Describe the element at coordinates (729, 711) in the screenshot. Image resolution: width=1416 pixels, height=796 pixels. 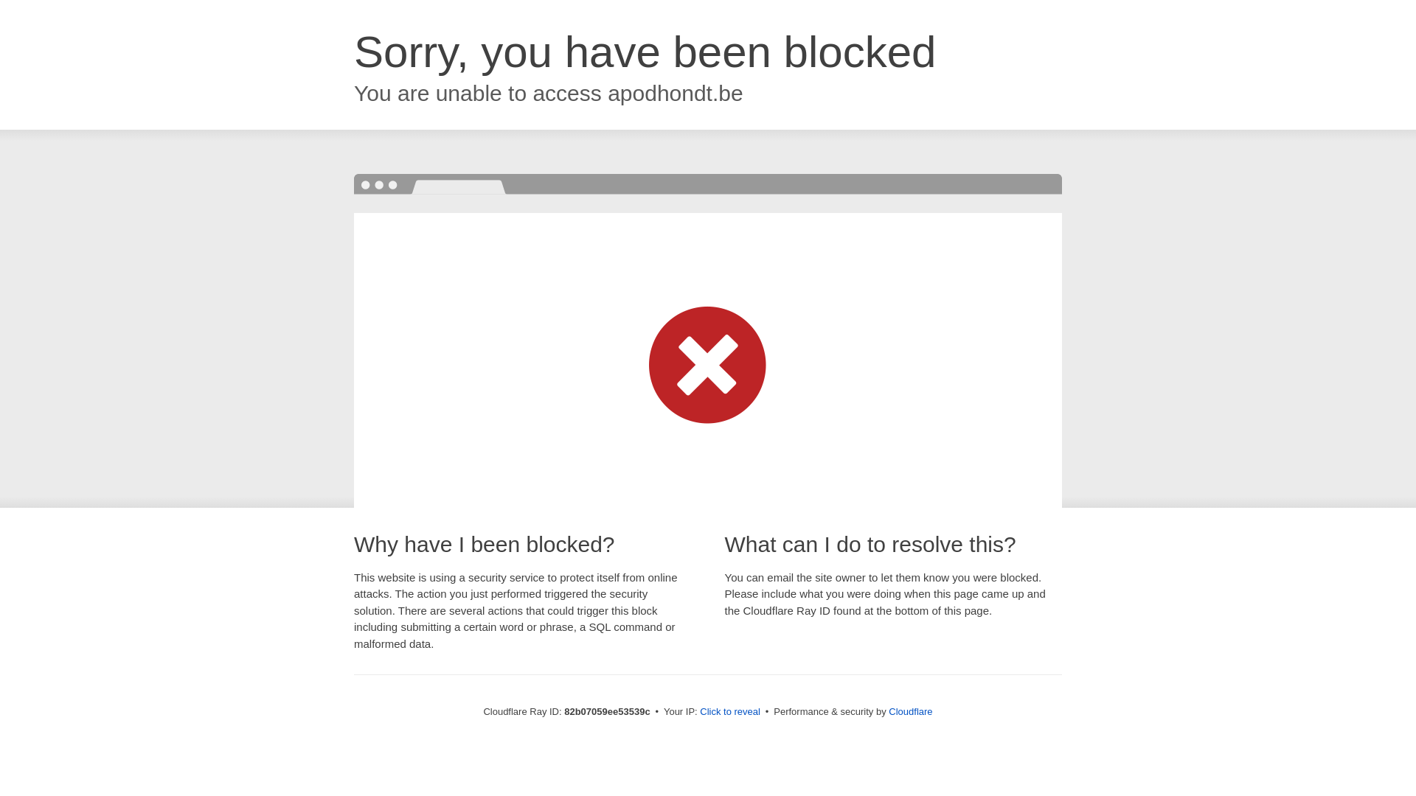
I see `'Click to reveal'` at that location.